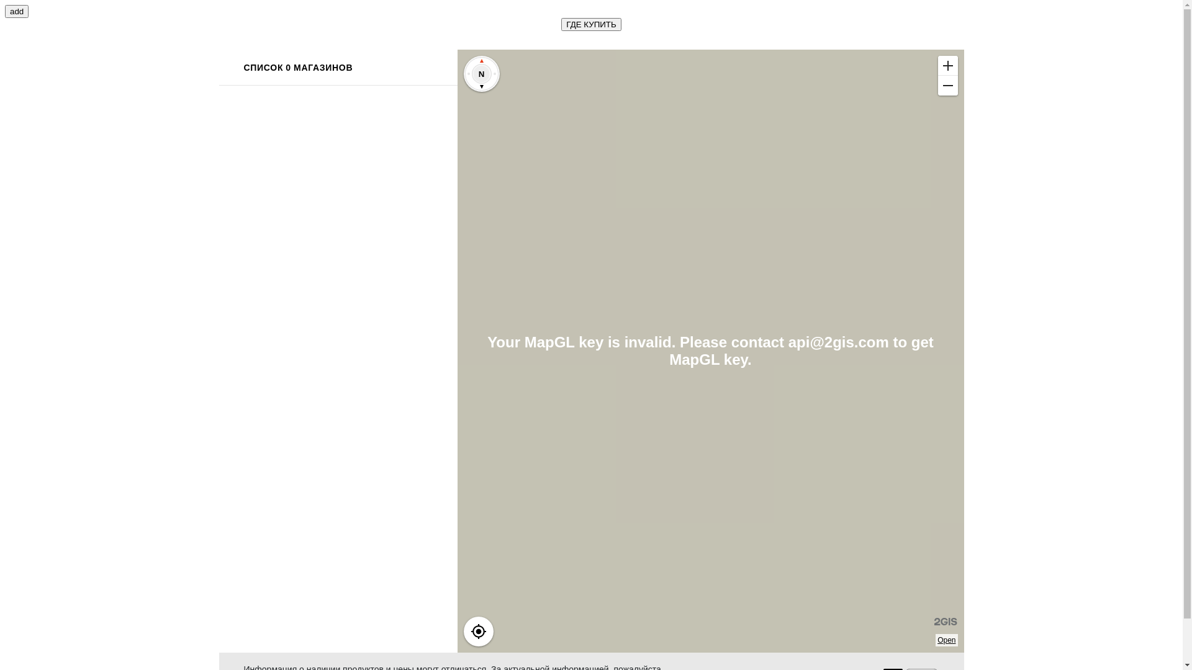  What do you see at coordinates (17, 11) in the screenshot?
I see `'add'` at bounding box center [17, 11].